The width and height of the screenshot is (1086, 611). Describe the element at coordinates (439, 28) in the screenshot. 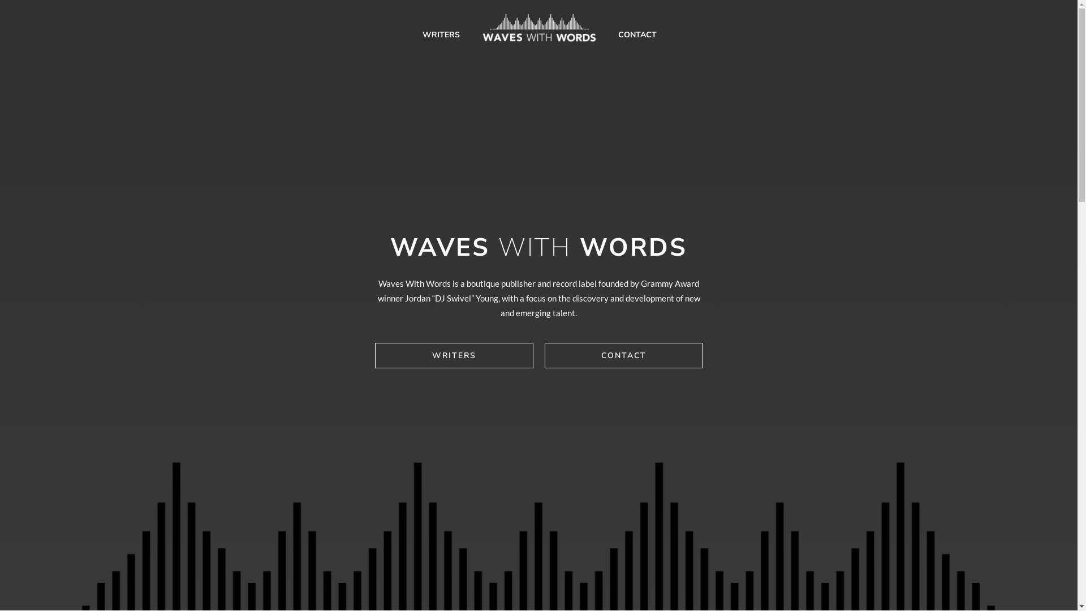

I see `'WRITERS'` at that location.